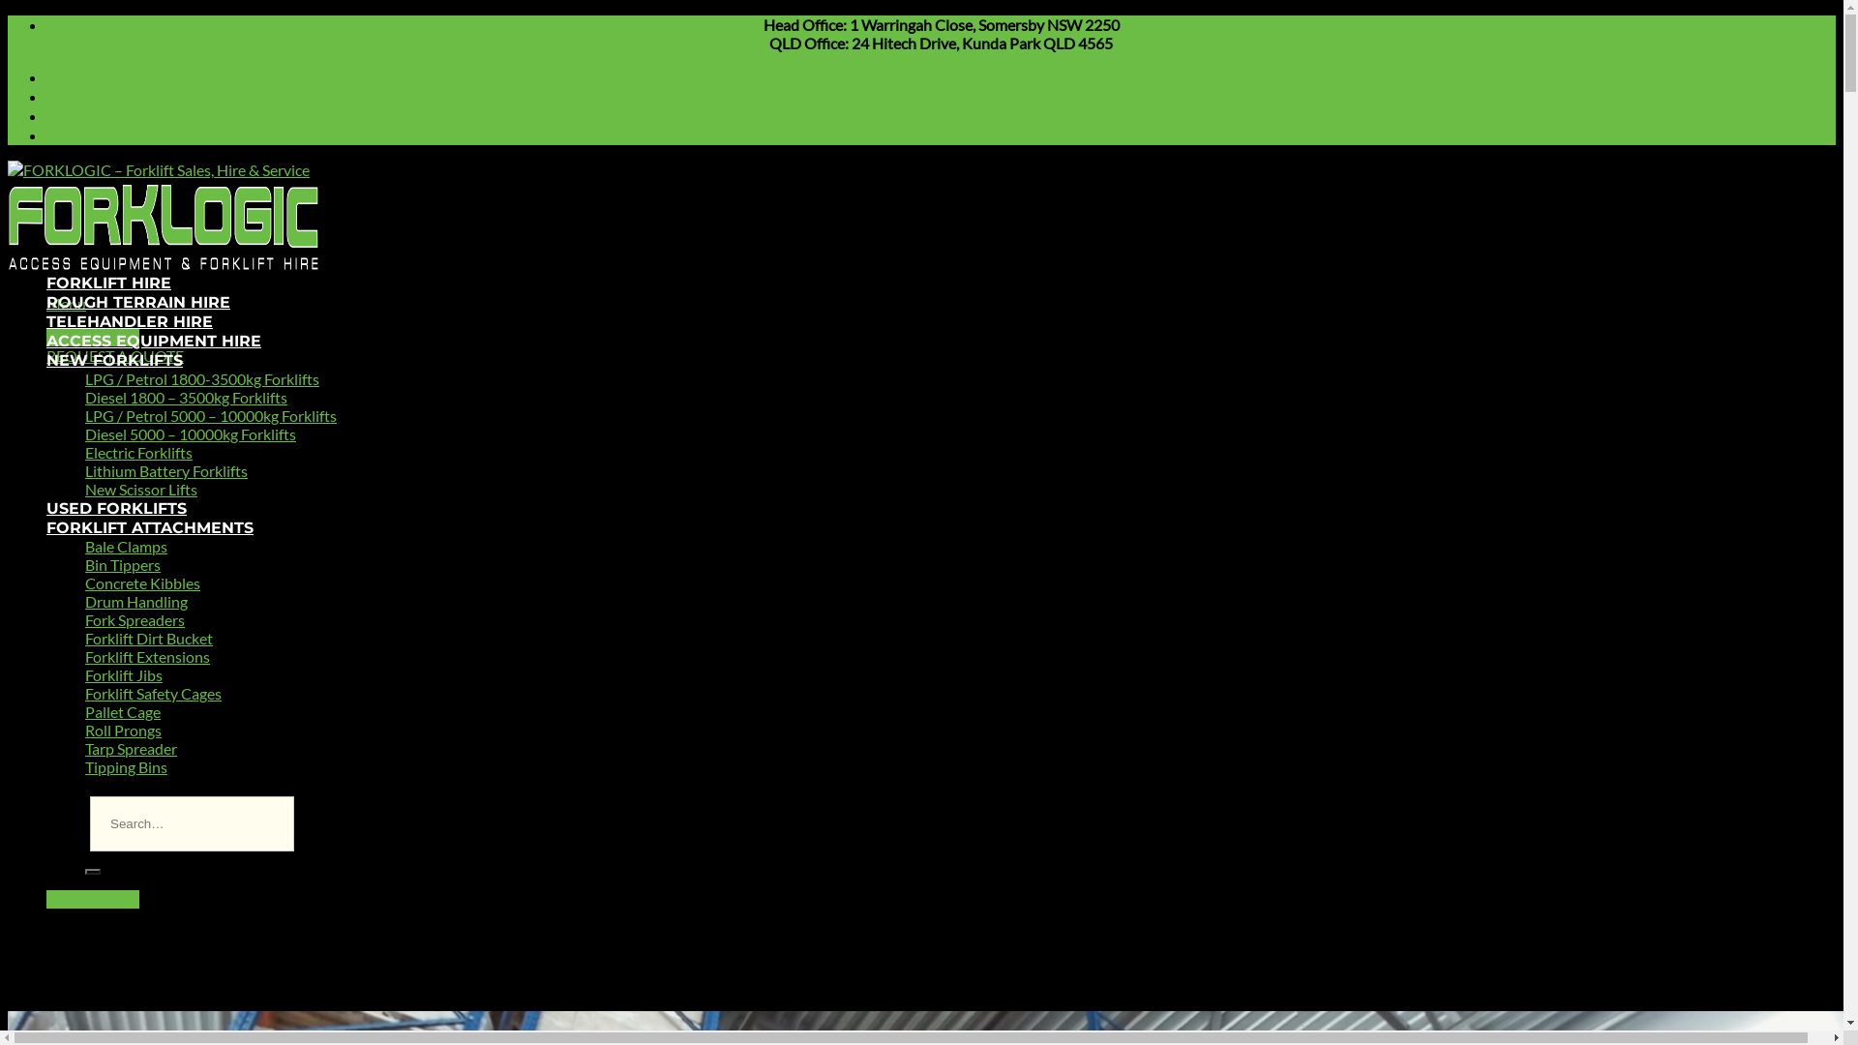 The height and width of the screenshot is (1045, 1858). What do you see at coordinates (166, 470) in the screenshot?
I see `'Lithium Battery Forklifts'` at bounding box center [166, 470].